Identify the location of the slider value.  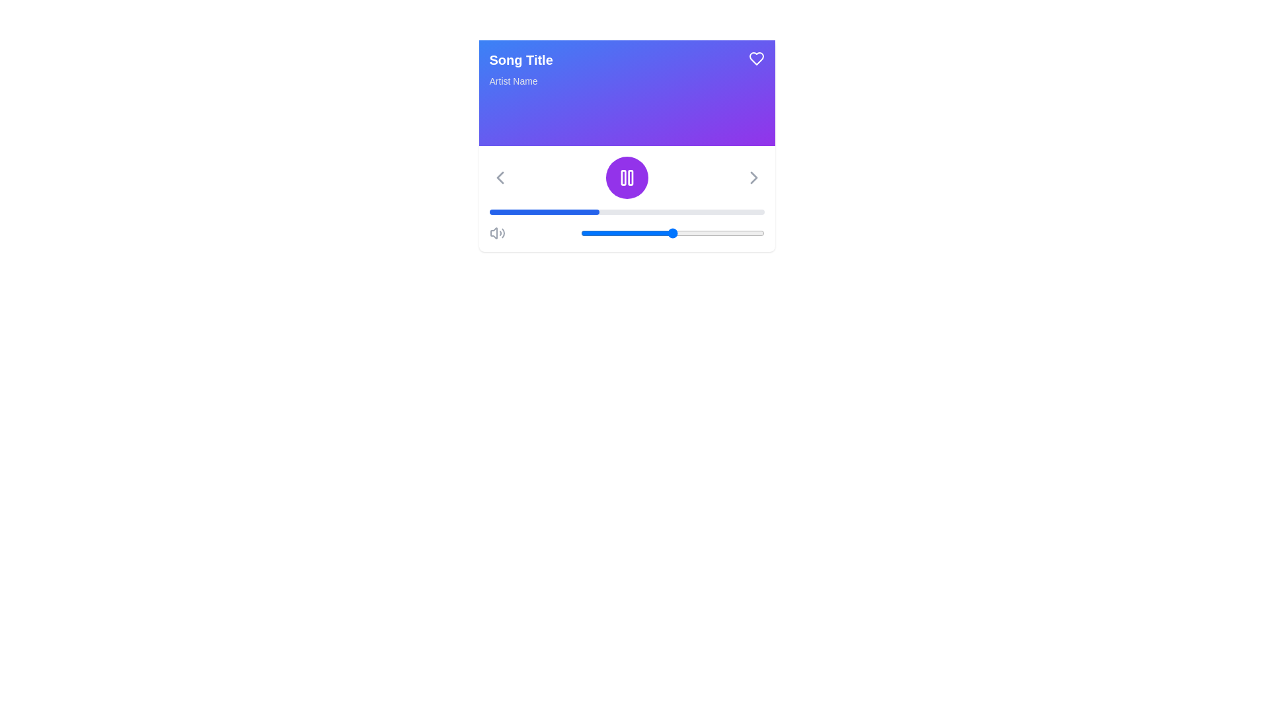
(656, 233).